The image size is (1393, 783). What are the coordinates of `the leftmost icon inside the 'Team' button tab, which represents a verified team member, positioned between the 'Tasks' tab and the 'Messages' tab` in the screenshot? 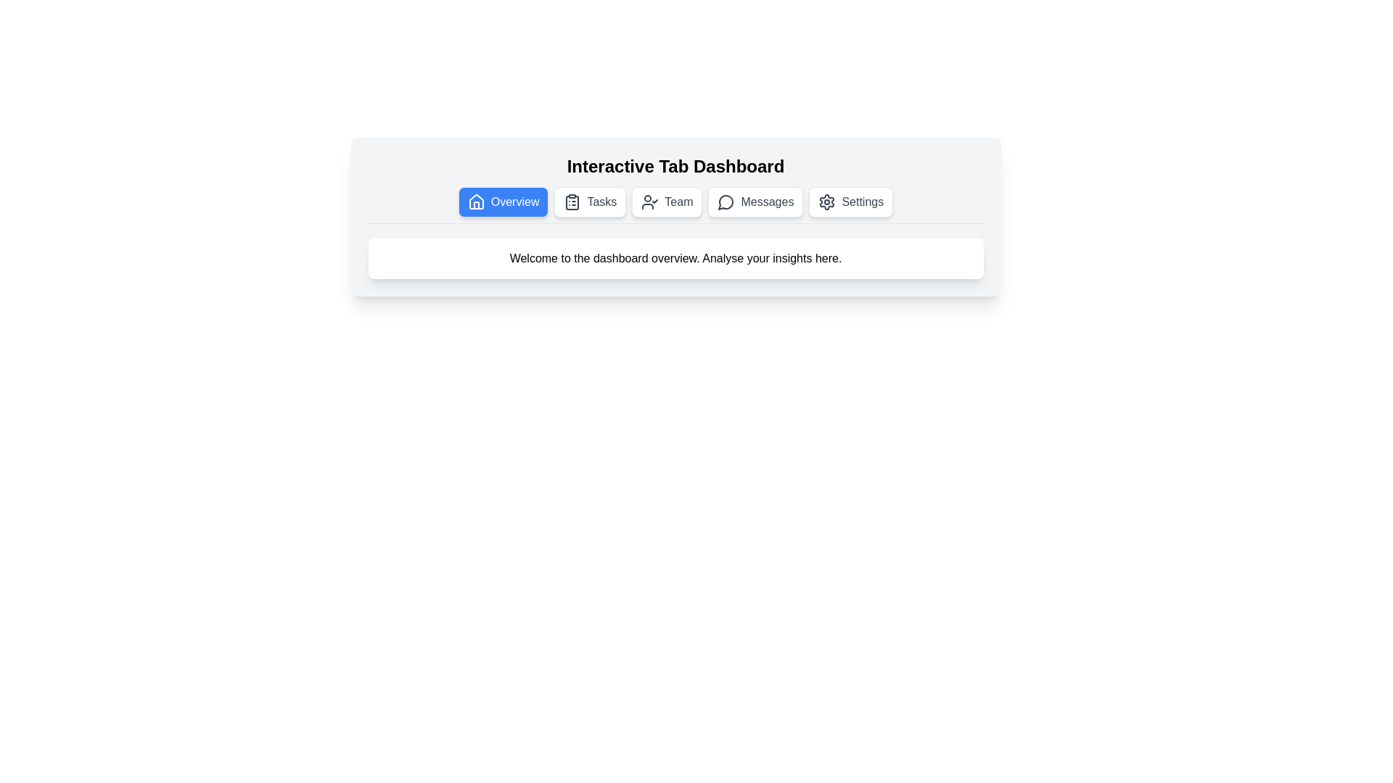 It's located at (649, 202).